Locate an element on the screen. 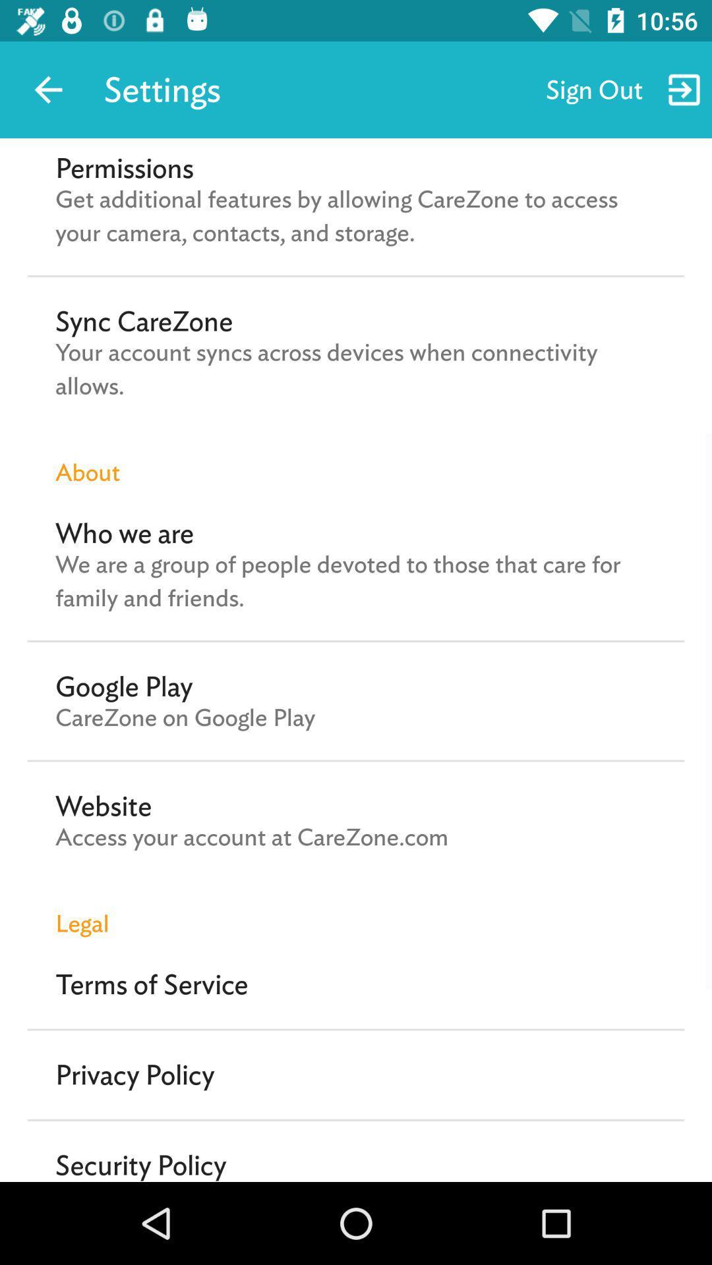 The image size is (712, 1265). carezone on google is located at coordinates (185, 717).